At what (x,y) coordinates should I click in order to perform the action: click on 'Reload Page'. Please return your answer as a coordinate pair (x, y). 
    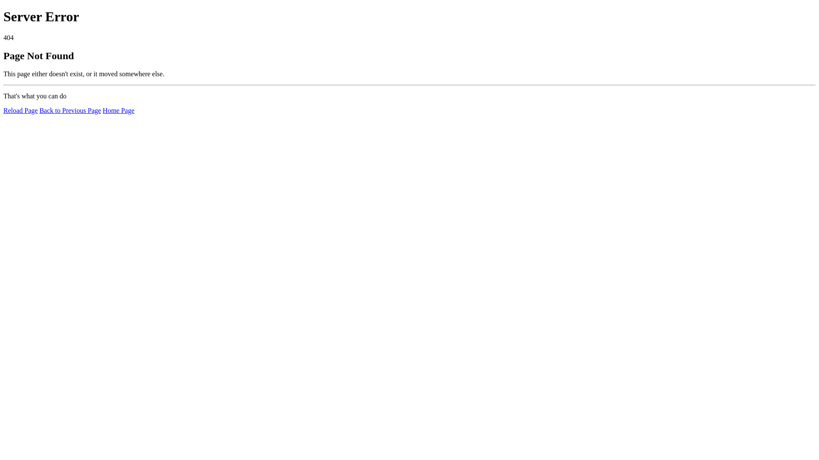
    Looking at the image, I should click on (20, 110).